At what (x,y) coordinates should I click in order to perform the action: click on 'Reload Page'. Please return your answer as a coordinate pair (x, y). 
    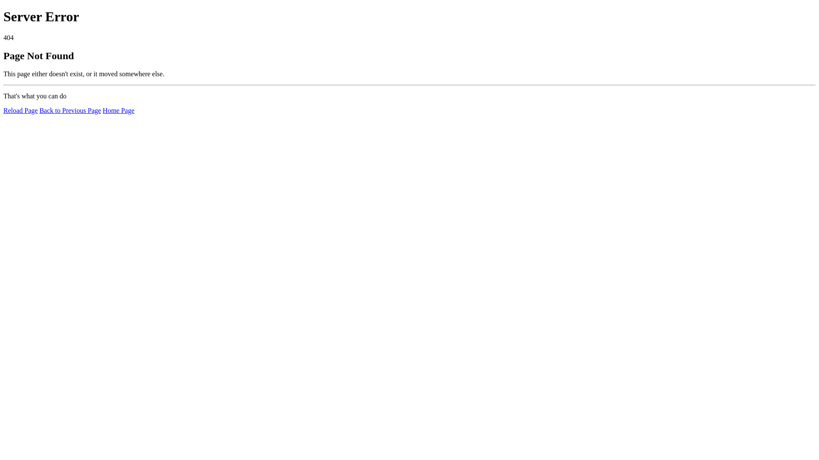
    Looking at the image, I should click on (20, 110).